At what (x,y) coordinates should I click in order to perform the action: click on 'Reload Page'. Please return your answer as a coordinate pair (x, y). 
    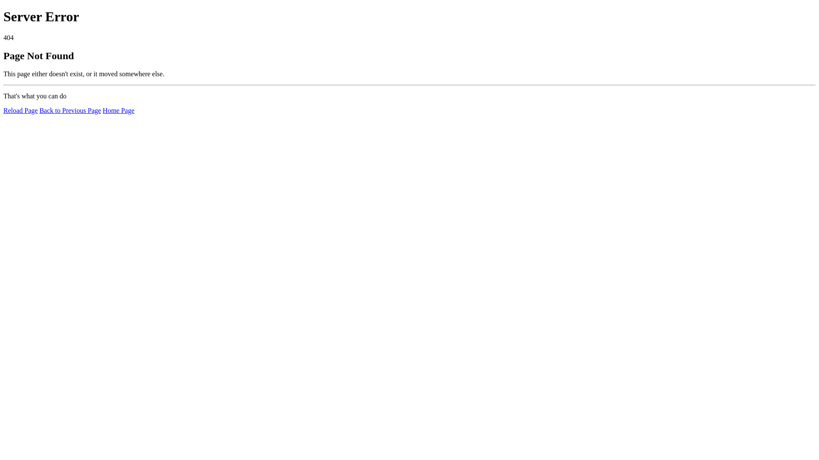
    Looking at the image, I should click on (20, 110).